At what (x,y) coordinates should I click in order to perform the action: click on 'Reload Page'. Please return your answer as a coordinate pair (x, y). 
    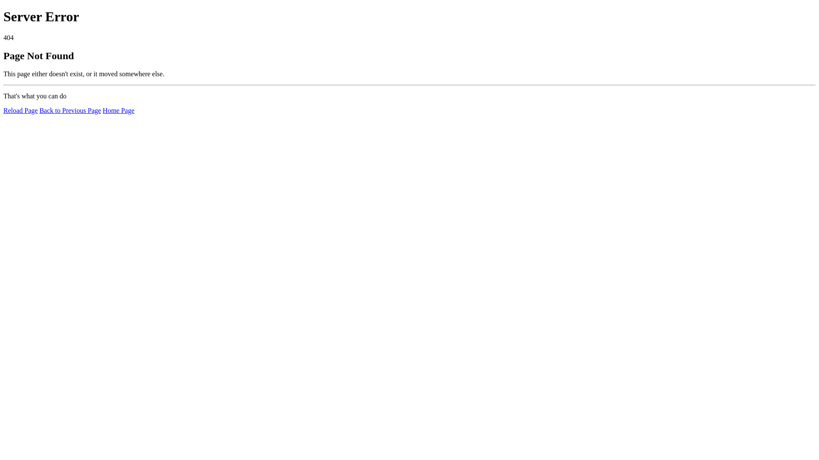
    Looking at the image, I should click on (20, 110).